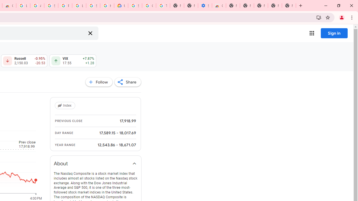  Describe the element at coordinates (24, 61) in the screenshot. I see `'Russell 2,150.03 Down by 0.95% -20.53'` at that location.